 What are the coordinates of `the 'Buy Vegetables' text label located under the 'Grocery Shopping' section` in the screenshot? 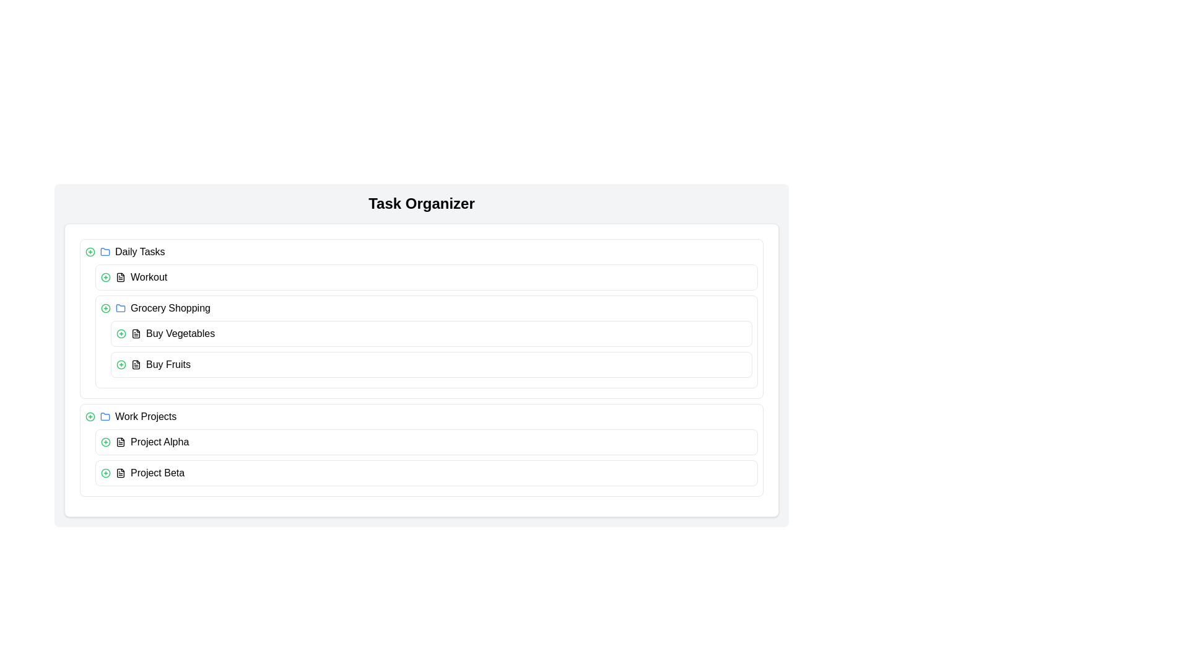 It's located at (180, 333).